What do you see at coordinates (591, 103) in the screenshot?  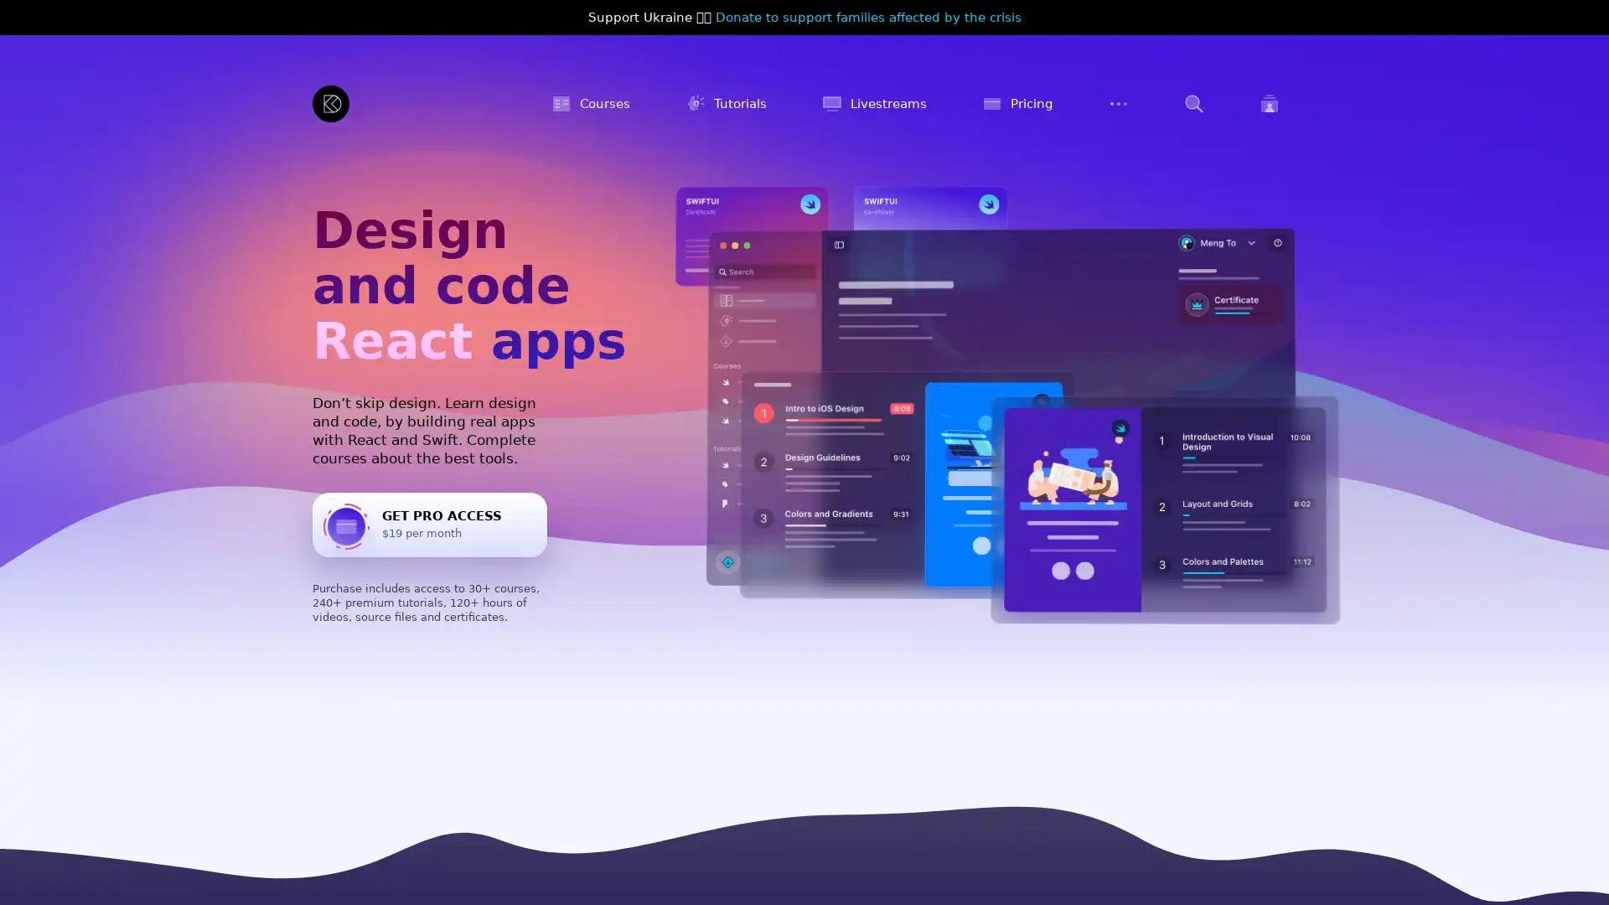 I see `Courses icon Courses` at bounding box center [591, 103].